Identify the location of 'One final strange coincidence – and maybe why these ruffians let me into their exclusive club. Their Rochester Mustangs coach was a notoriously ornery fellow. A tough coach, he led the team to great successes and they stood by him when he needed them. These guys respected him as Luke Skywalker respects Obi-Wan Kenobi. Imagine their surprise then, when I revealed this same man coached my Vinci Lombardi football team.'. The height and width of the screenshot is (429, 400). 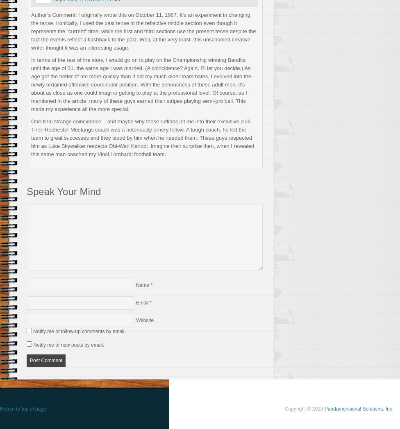
(31, 137).